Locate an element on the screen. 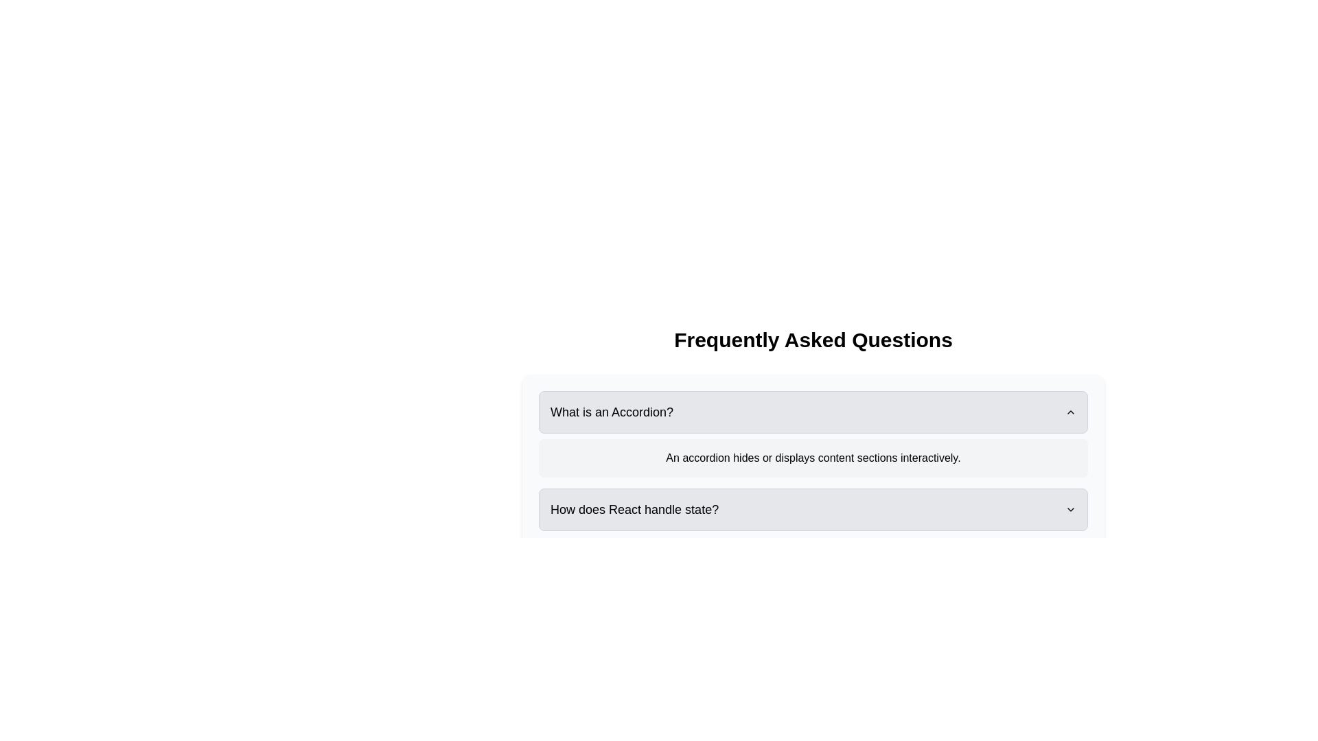 Image resolution: width=1318 pixels, height=741 pixels. the downward chevron icon at the end of the 'How does React handle state?' question row is located at coordinates (1070, 510).